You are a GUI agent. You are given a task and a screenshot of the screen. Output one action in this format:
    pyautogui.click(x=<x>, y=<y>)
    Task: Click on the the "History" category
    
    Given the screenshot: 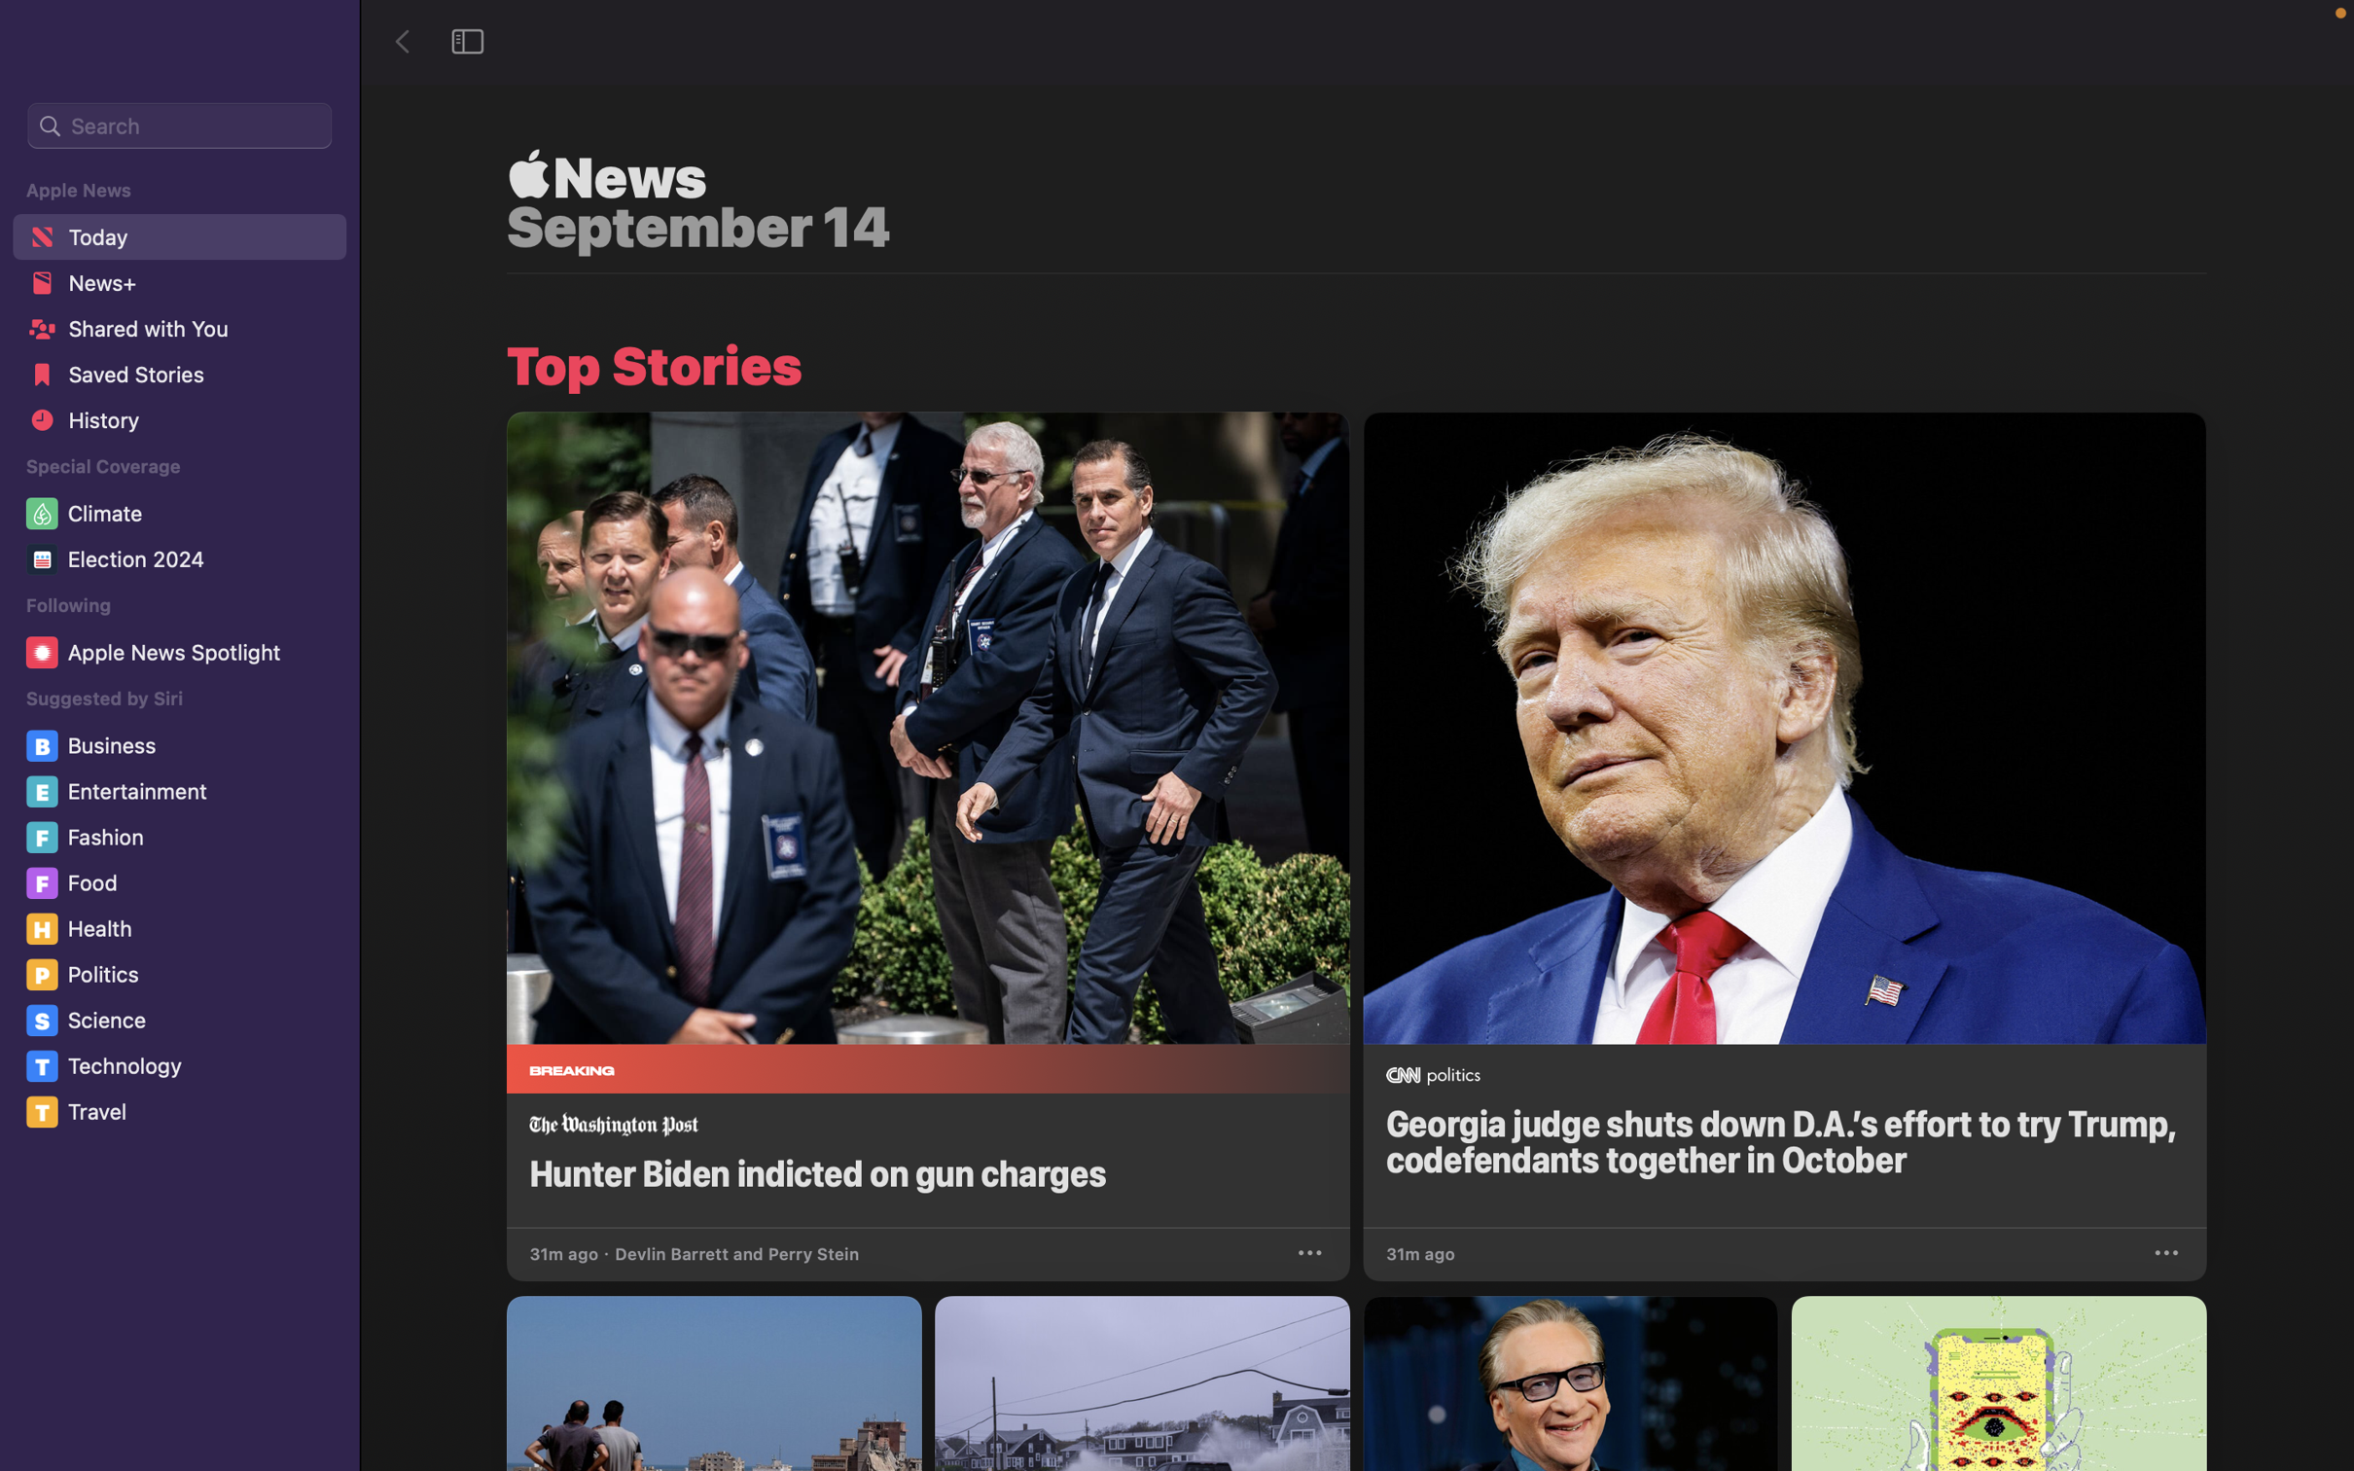 What is the action you would take?
    pyautogui.click(x=177, y=426)
    